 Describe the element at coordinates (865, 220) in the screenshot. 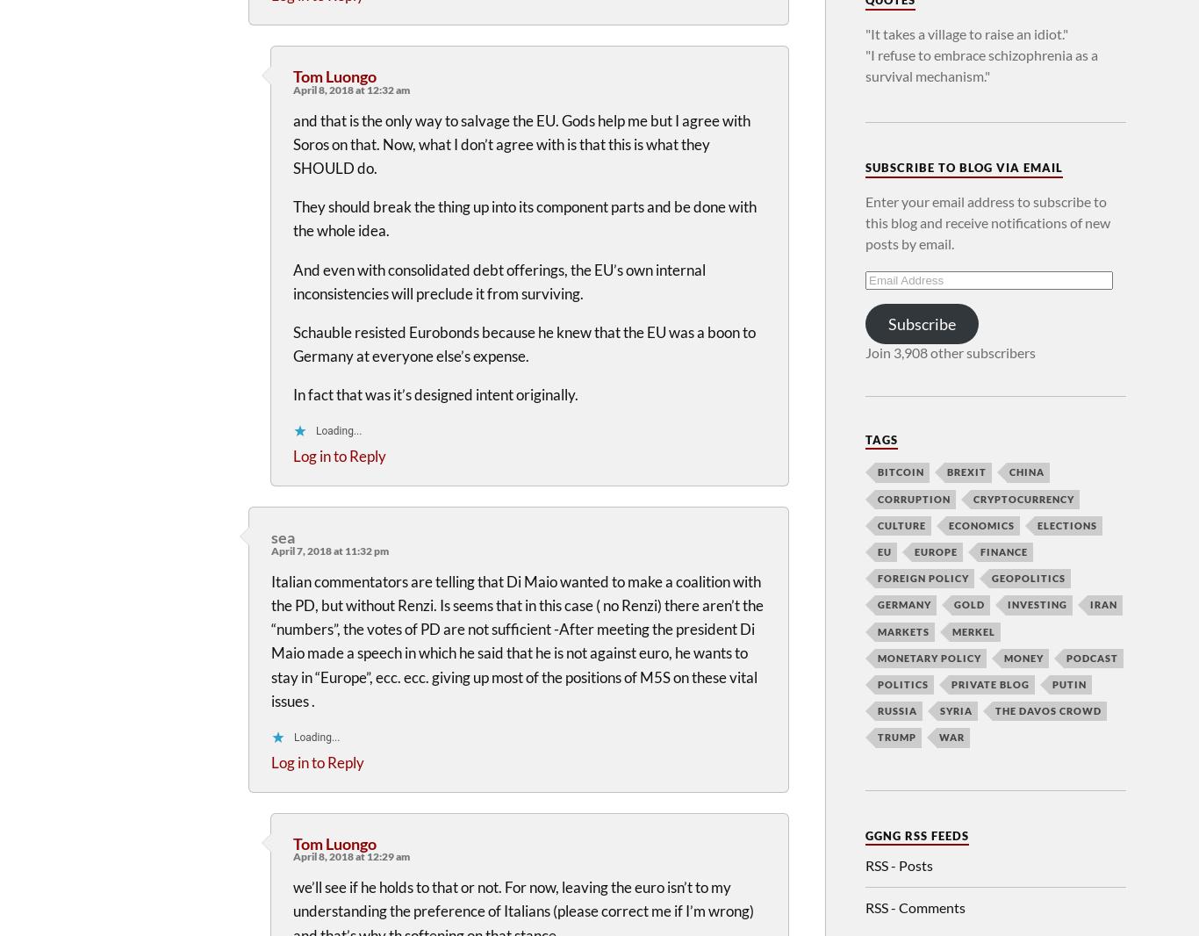

I see `'Enter your email address to subscribe to this blog and receive notifications of new posts by email.'` at that location.